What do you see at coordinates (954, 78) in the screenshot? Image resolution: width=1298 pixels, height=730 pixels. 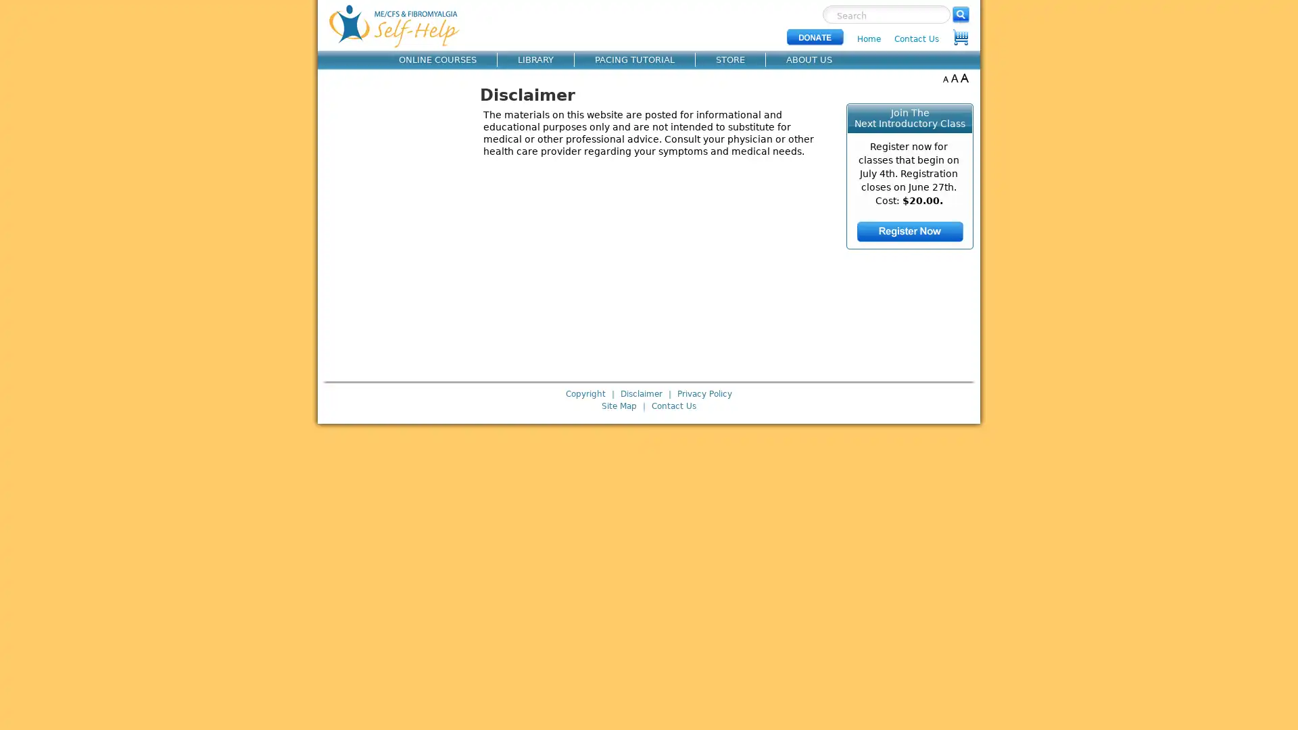 I see `A` at bounding box center [954, 78].